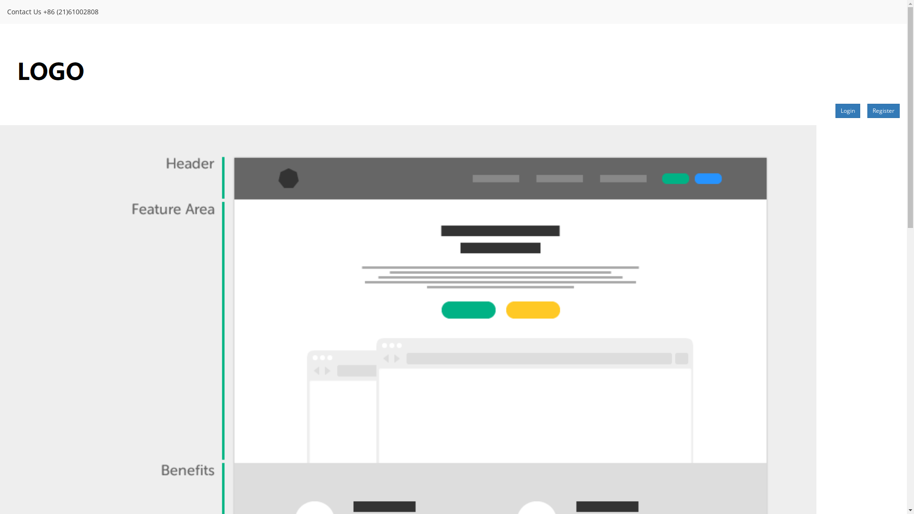  I want to click on 'Login', so click(847, 110).